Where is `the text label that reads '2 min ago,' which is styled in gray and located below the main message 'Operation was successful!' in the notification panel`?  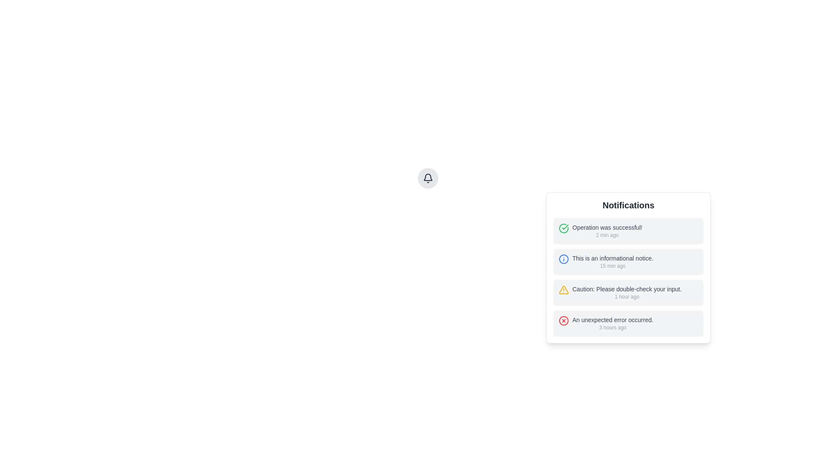 the text label that reads '2 min ago,' which is styled in gray and located below the main message 'Operation was successful!' in the notification panel is located at coordinates (607, 235).